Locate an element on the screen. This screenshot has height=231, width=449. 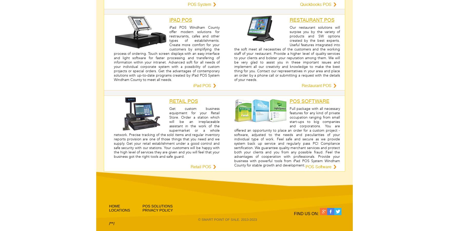
'POS System' is located at coordinates (199, 4).